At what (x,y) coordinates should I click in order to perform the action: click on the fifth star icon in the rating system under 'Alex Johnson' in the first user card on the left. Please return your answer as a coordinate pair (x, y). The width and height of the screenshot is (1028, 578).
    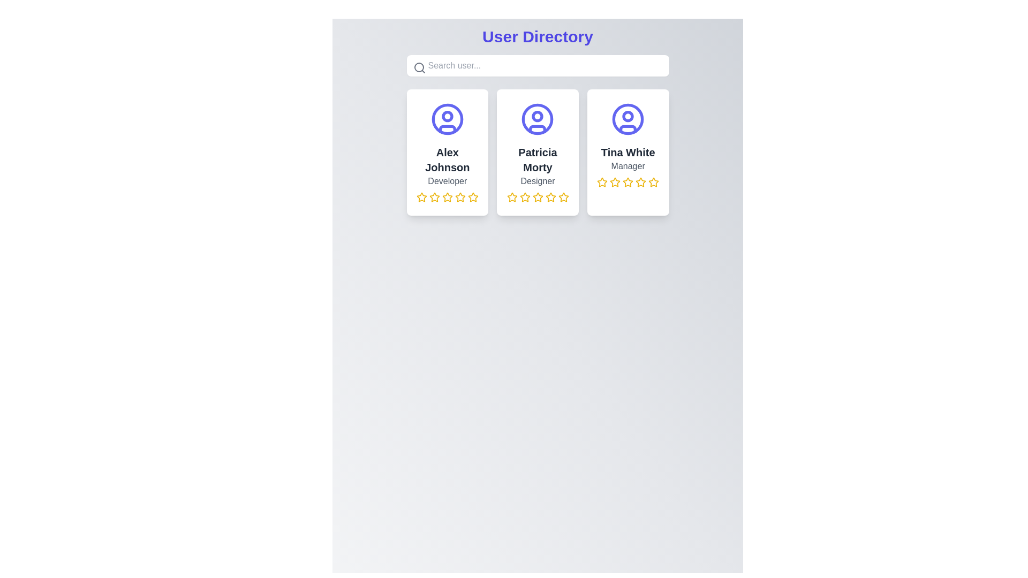
    Looking at the image, I should click on (472, 197).